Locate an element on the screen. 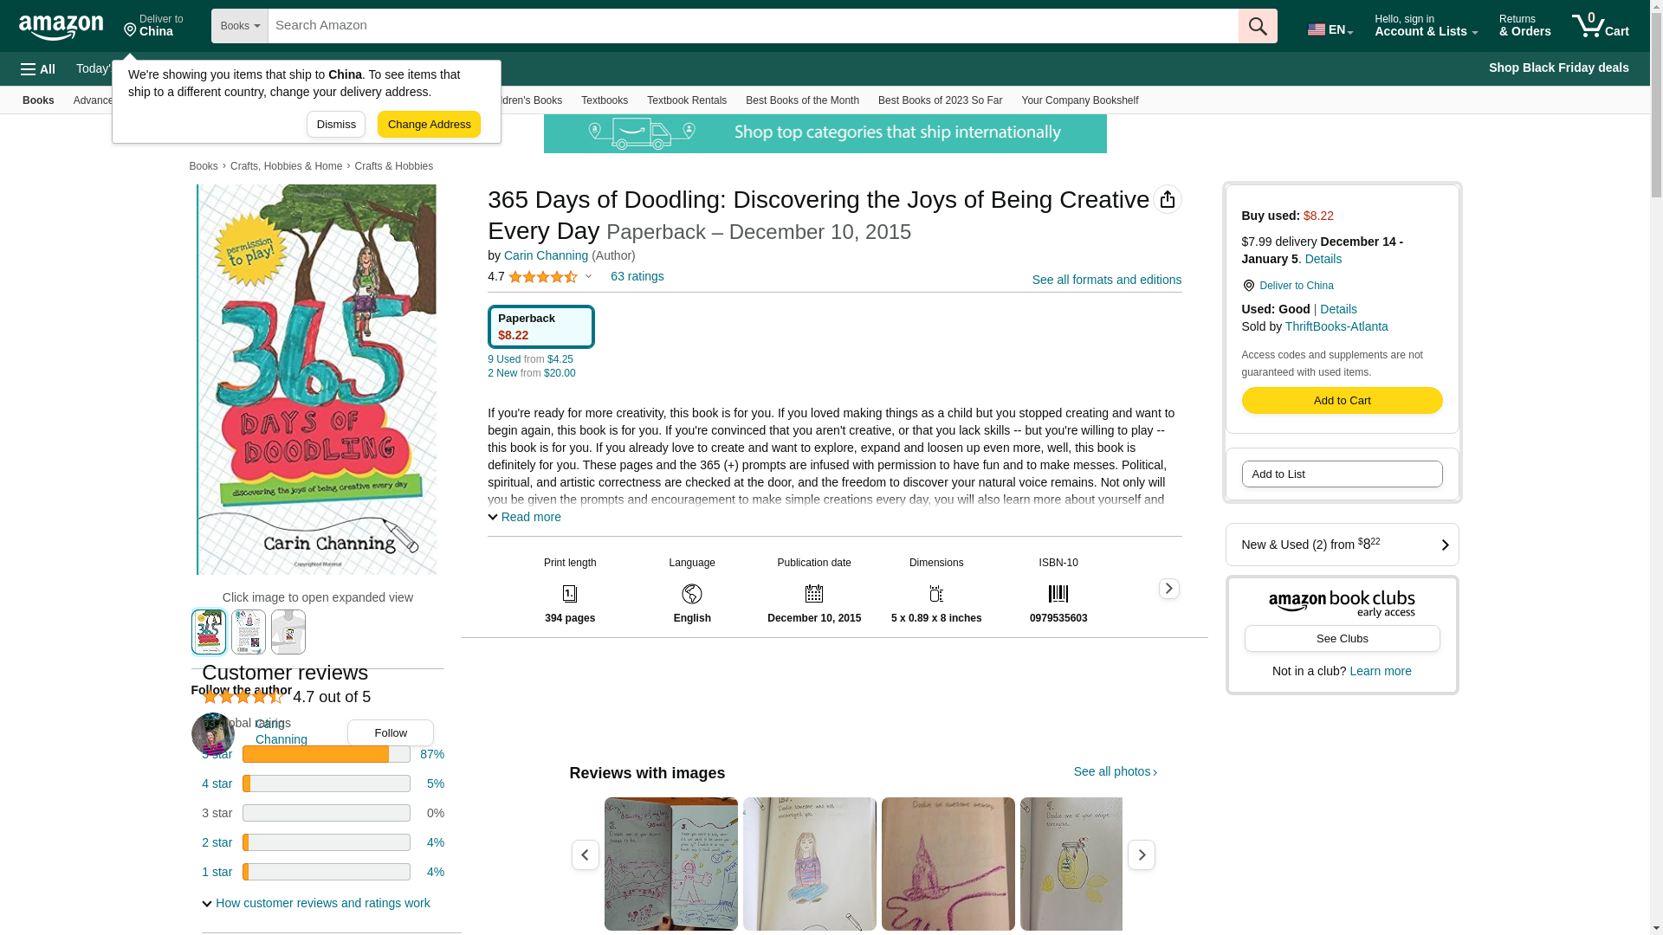 The height and width of the screenshot is (935, 1663). 'Follow' is located at coordinates (347, 732).